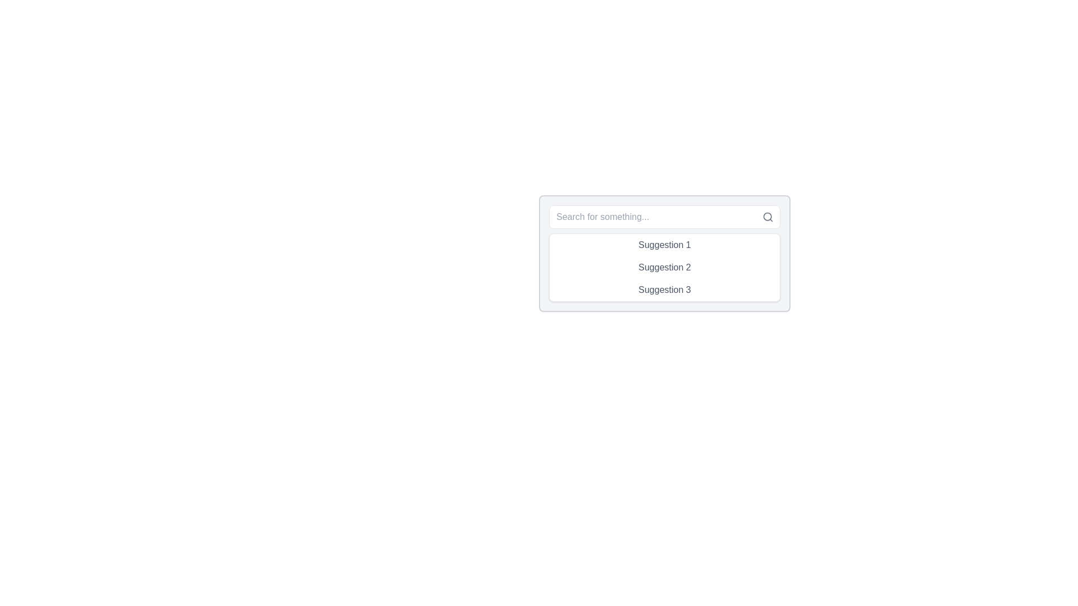  Describe the element at coordinates (665, 253) in the screenshot. I see `the first item in the list of clickable items displayed below the search bar` at that location.